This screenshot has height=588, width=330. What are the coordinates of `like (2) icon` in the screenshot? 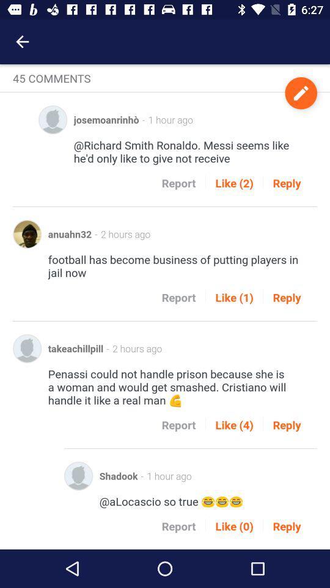 It's located at (234, 182).